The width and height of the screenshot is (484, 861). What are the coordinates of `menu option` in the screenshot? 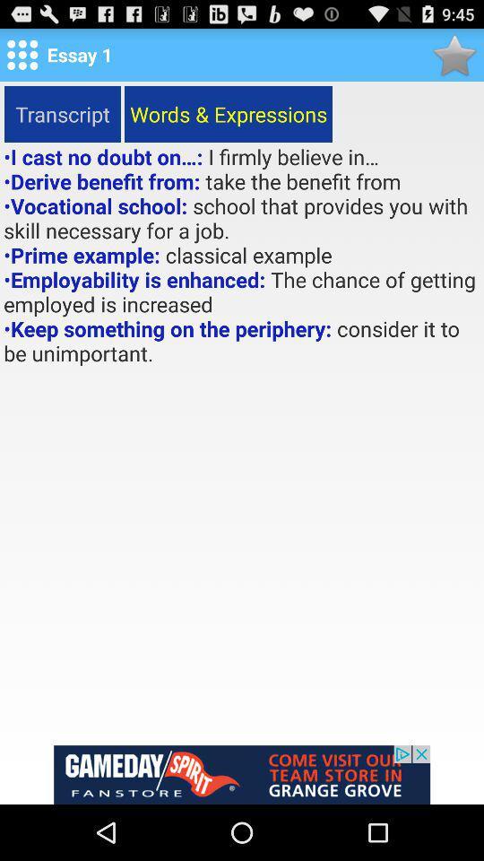 It's located at (22, 55).